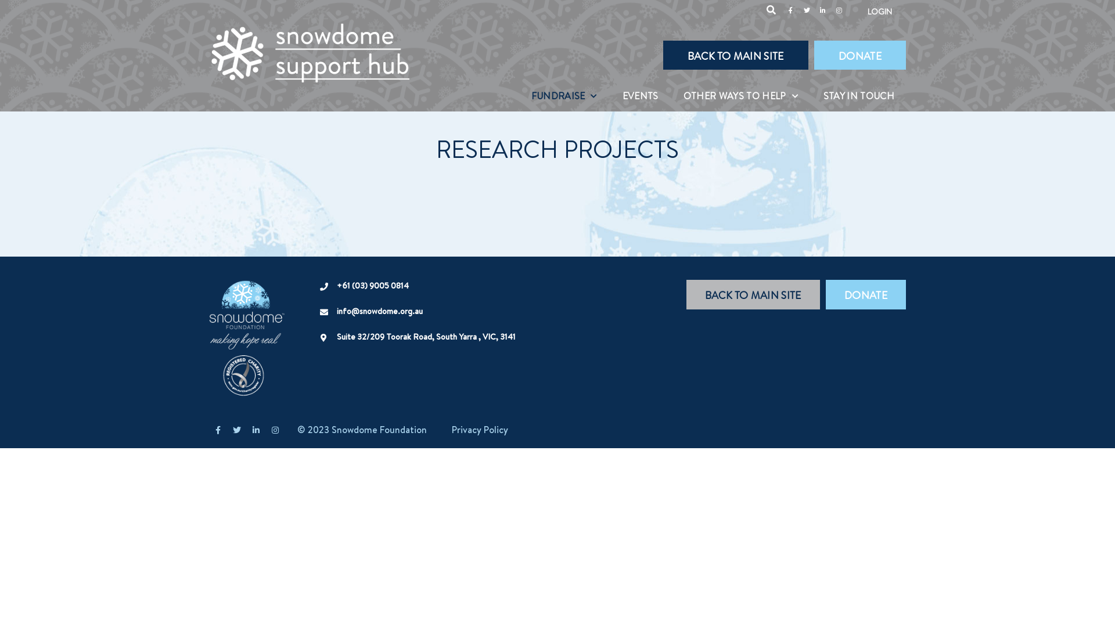 The width and height of the screenshot is (1115, 627). Describe the element at coordinates (373, 286) in the screenshot. I see `'+61 (03) 9005 0814'` at that location.